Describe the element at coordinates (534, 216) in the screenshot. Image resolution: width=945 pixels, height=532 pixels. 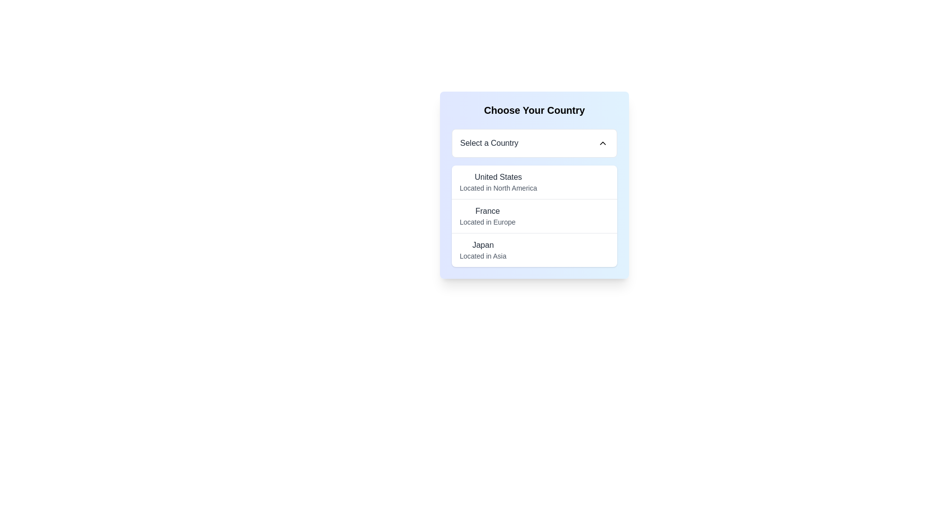
I see `the second entry in the country list, which is located below the 'Select a Country' dropdown in the 'Choose Your Country' component` at that location.